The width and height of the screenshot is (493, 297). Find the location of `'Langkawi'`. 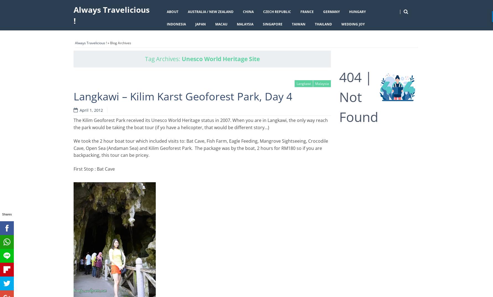

'Langkawi' is located at coordinates (297, 83).